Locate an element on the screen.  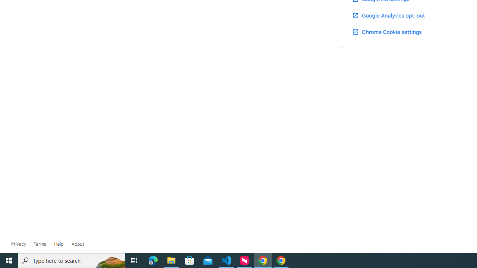
'Google Analytics opt-out' is located at coordinates (388, 15).